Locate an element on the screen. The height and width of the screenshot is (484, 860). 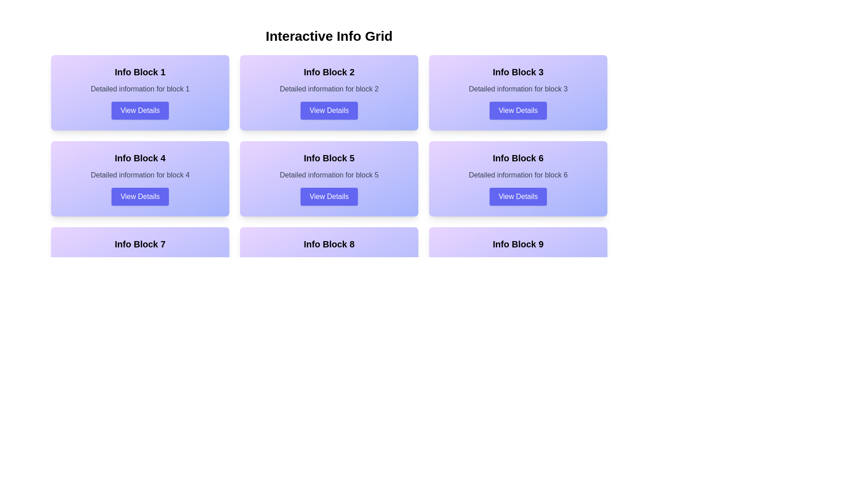
the text label displaying 'Detailed information for block 9', which is located below 'Info Block 9' and above the 'View Details' button is located at coordinates (518, 261).